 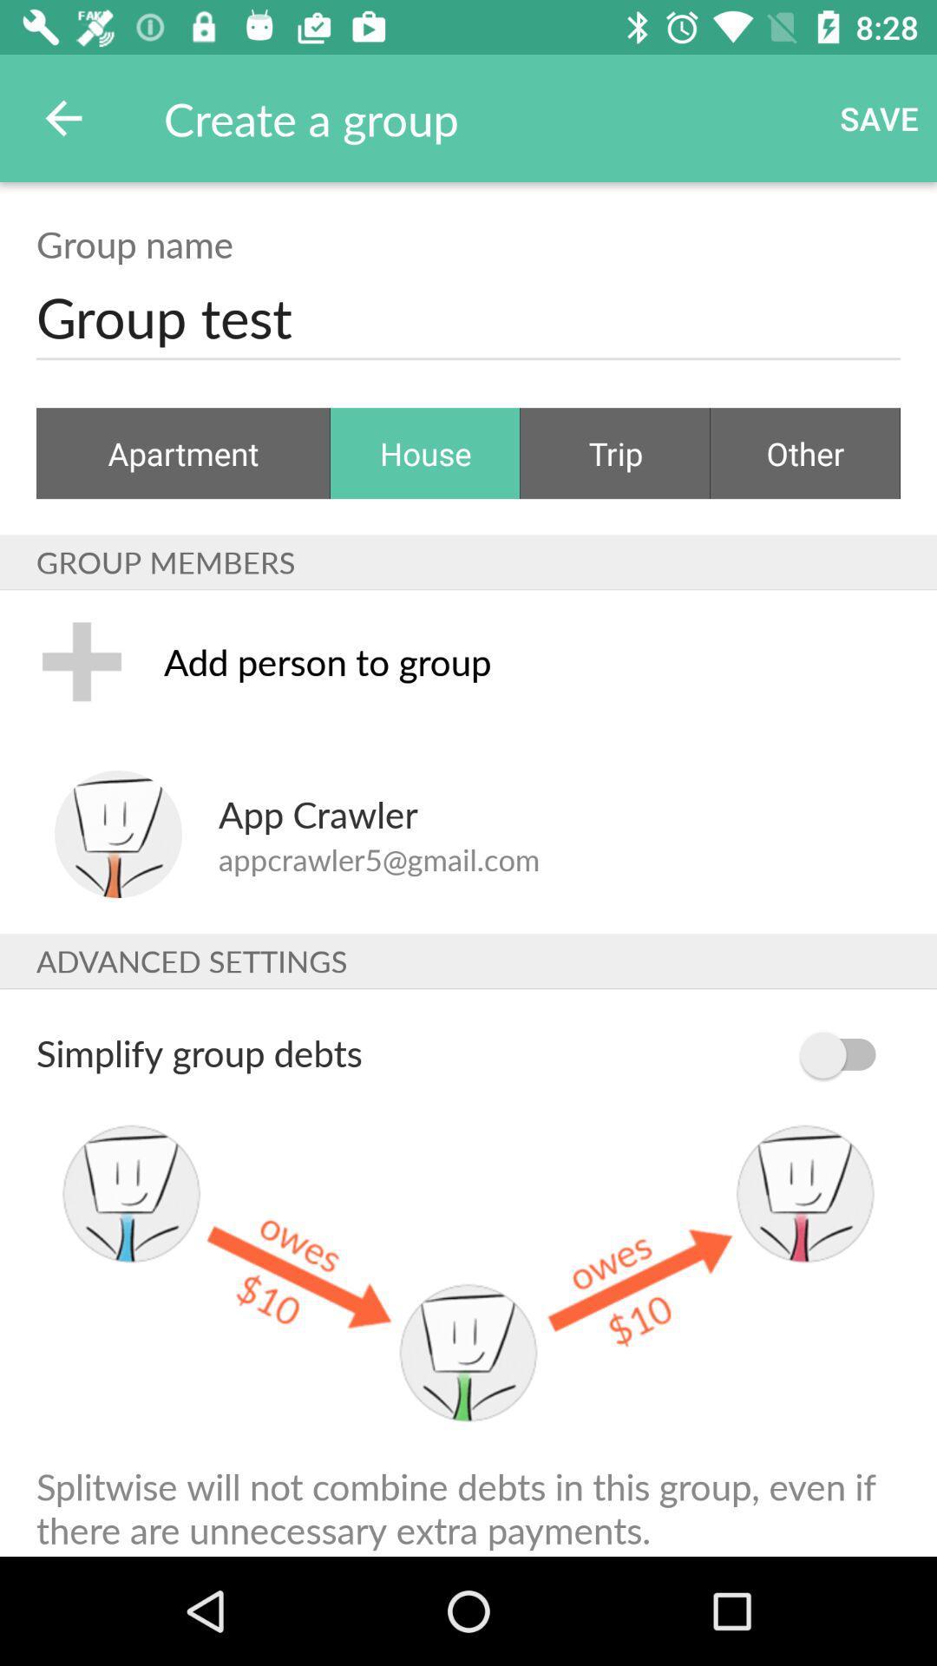 What do you see at coordinates (117, 834) in the screenshot?
I see `icon to the left of app crawler` at bounding box center [117, 834].